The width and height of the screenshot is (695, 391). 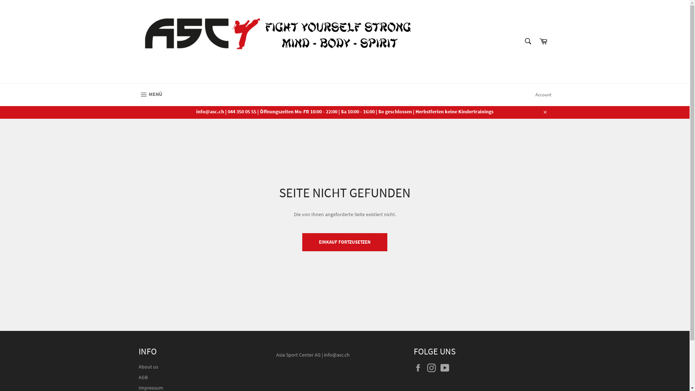 I want to click on 'YouTube', so click(x=446, y=367).